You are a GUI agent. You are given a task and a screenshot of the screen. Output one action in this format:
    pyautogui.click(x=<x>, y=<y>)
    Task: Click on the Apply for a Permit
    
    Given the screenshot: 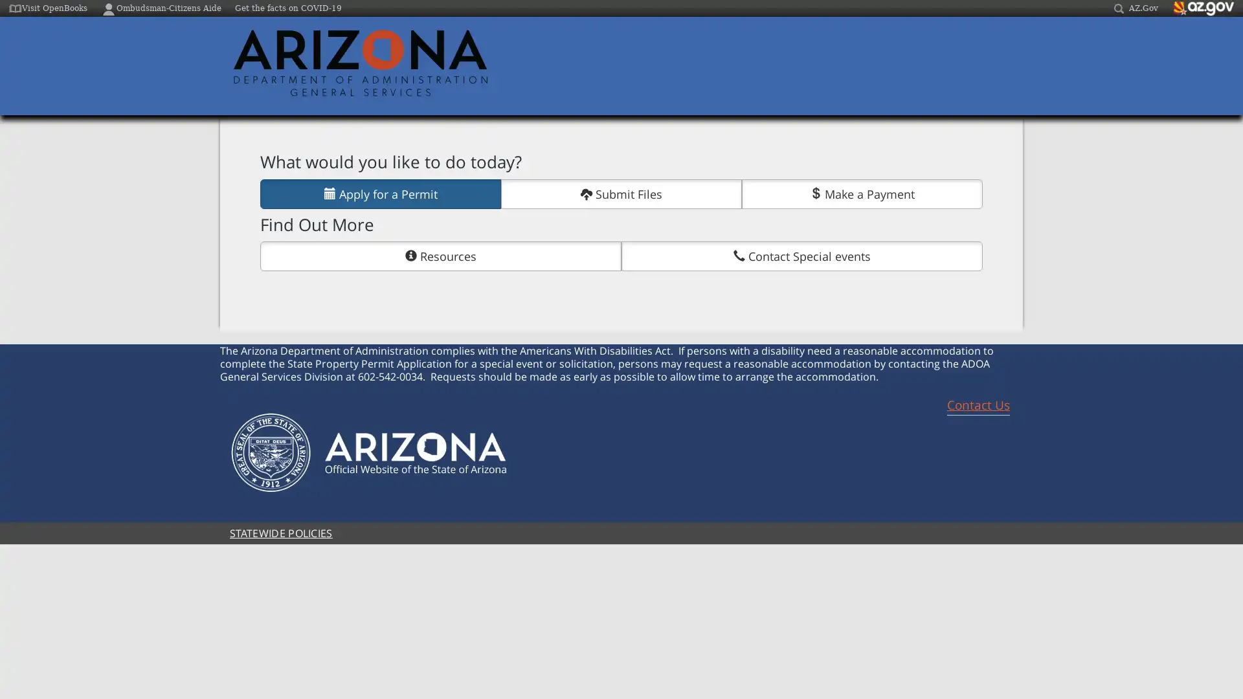 What is the action you would take?
    pyautogui.click(x=380, y=194)
    